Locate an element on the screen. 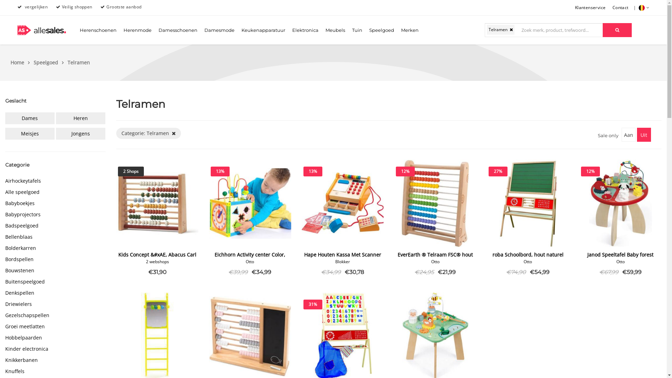 The image size is (672, 378). 'Categorie: Telramen  ' is located at coordinates (148, 133).